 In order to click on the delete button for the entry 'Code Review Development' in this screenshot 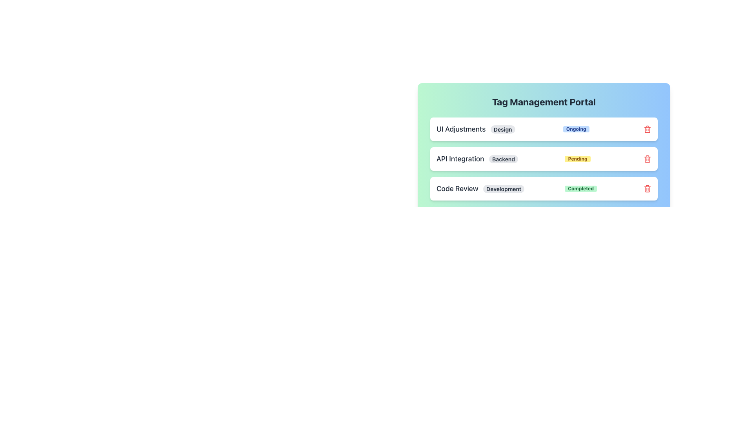, I will do `click(648, 189)`.